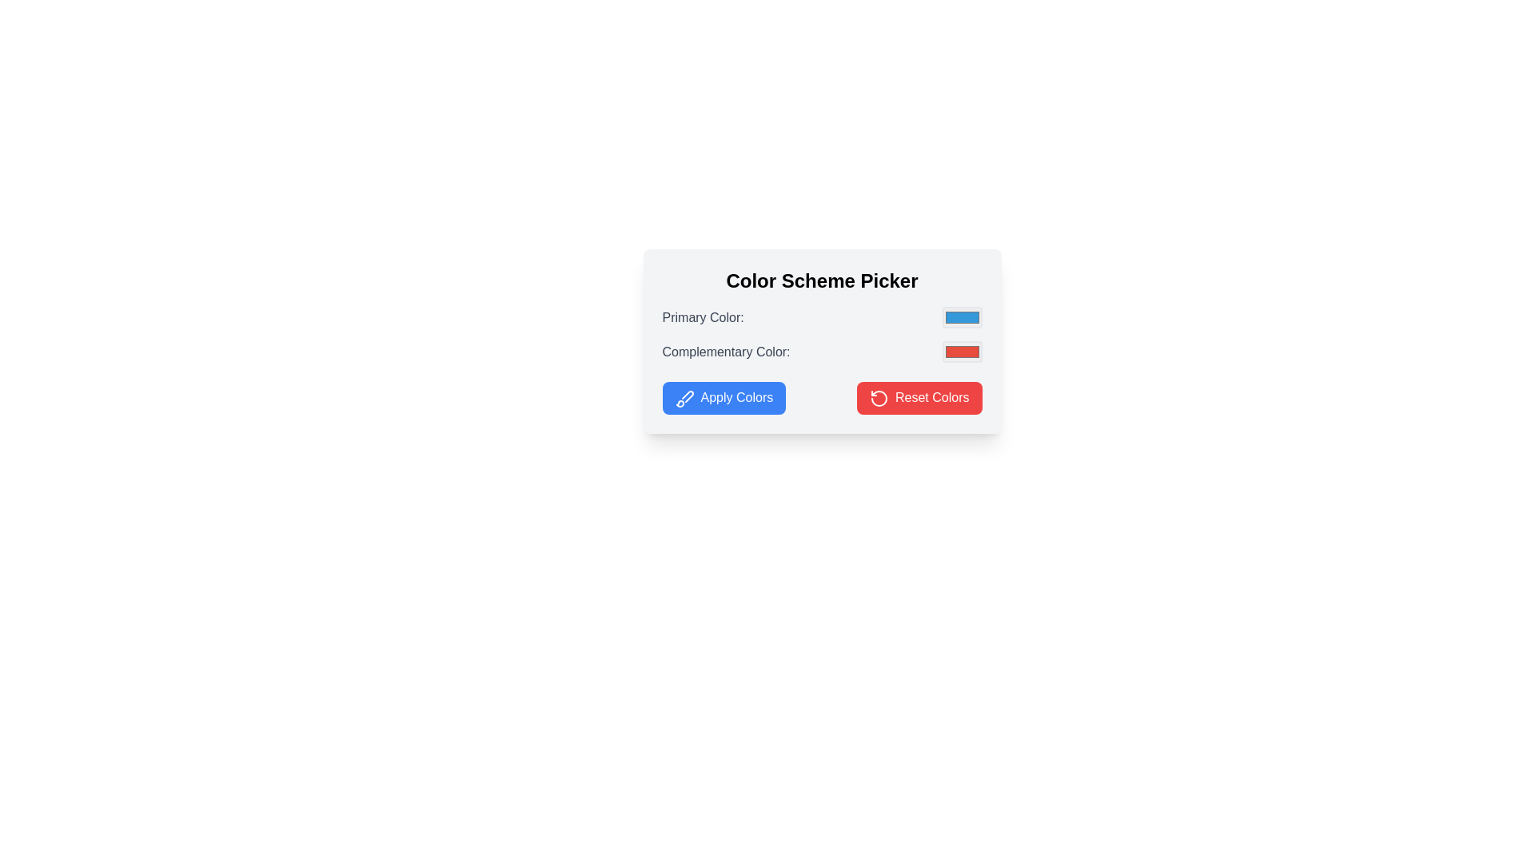  Describe the element at coordinates (961, 317) in the screenshot. I see `the Color input field located in the top right area of the interface card, aligned horizontally with the label 'Primary Color:', to change its value` at that location.